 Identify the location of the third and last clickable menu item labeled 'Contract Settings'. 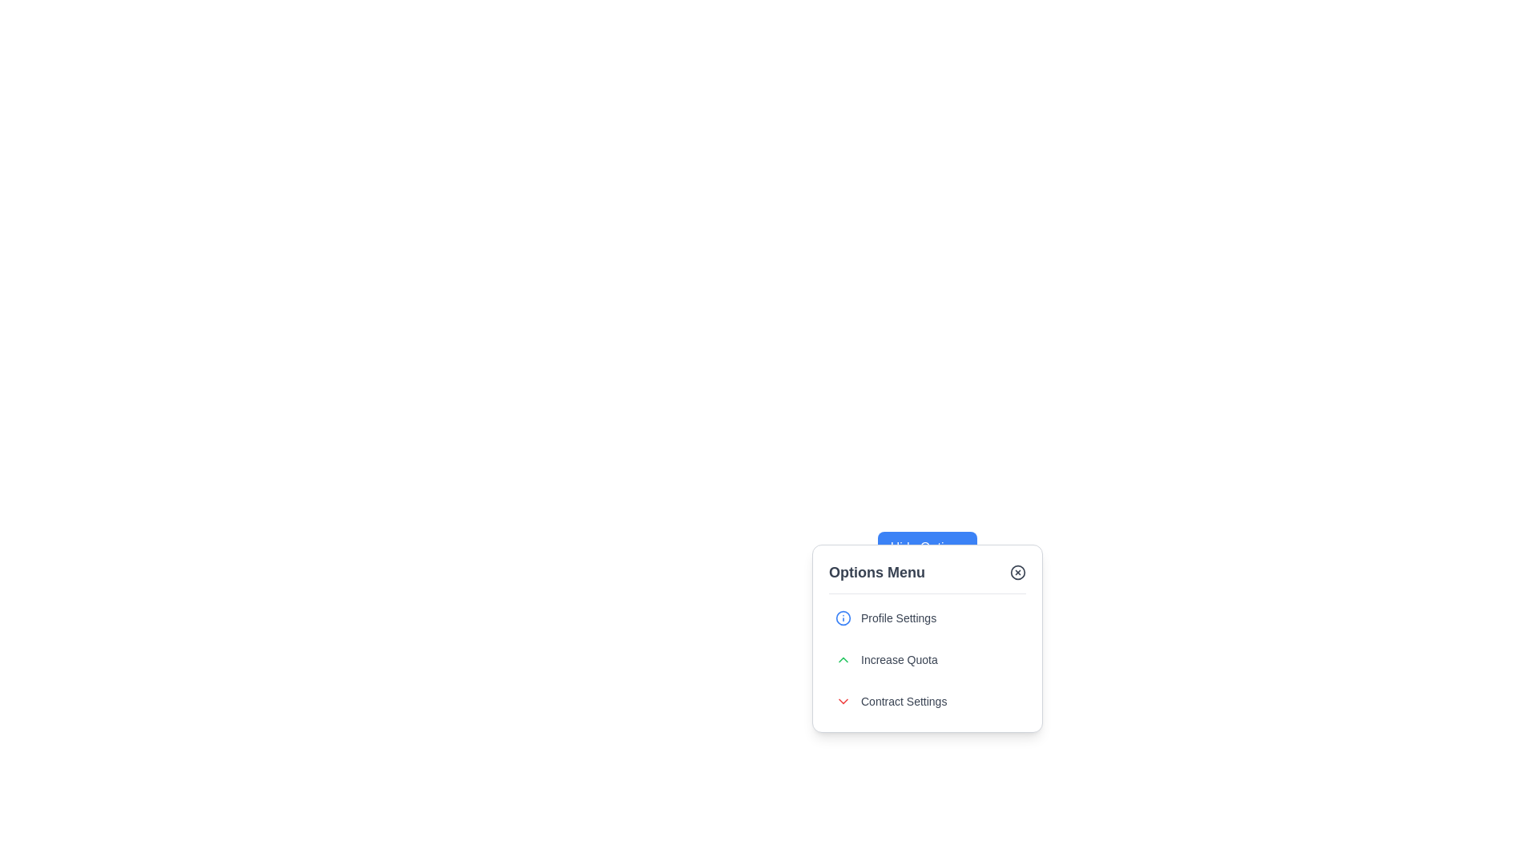
(927, 700).